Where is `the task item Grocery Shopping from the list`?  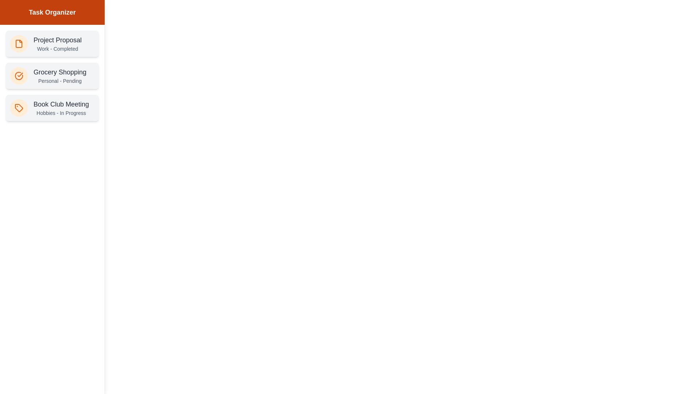 the task item Grocery Shopping from the list is located at coordinates (52, 76).